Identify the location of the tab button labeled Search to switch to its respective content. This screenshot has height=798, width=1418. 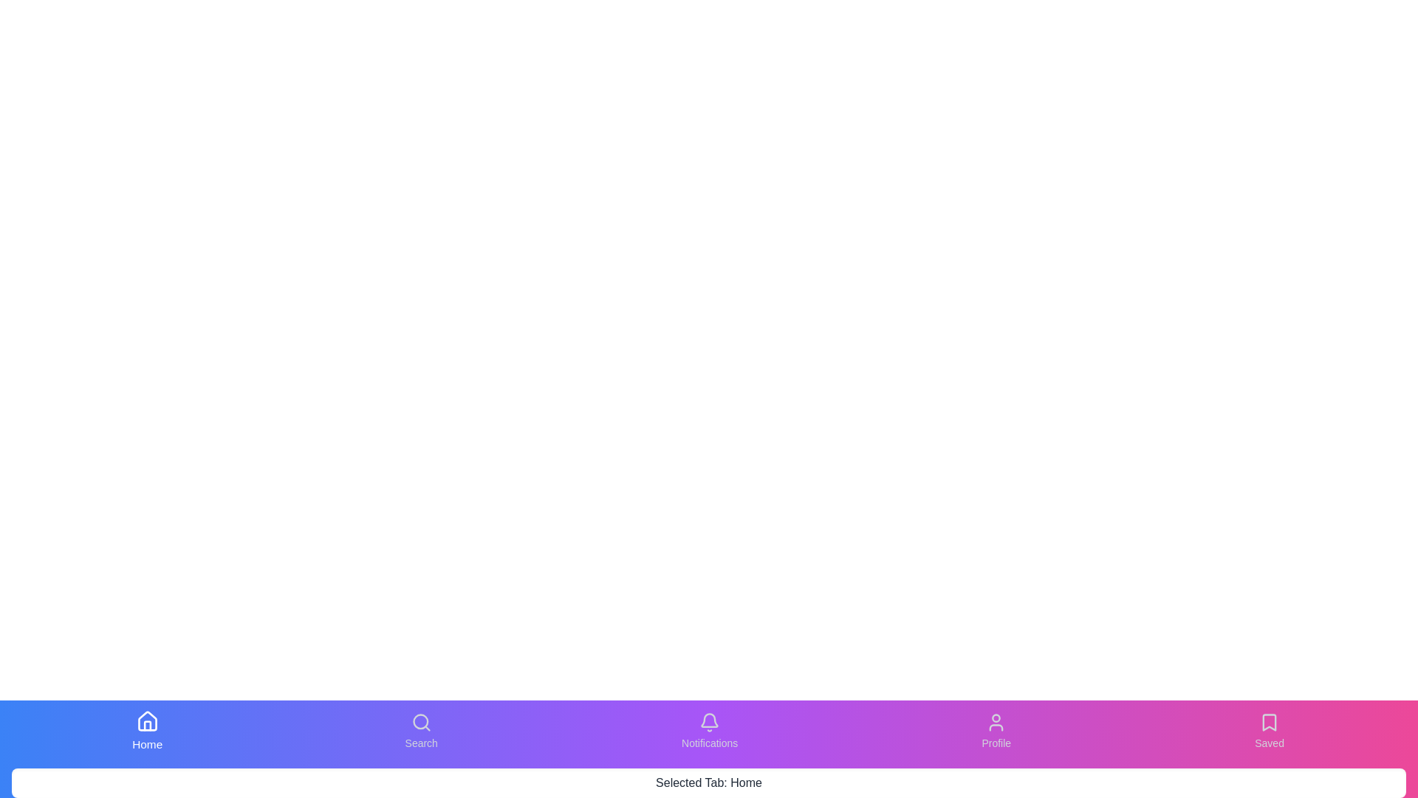
(420, 731).